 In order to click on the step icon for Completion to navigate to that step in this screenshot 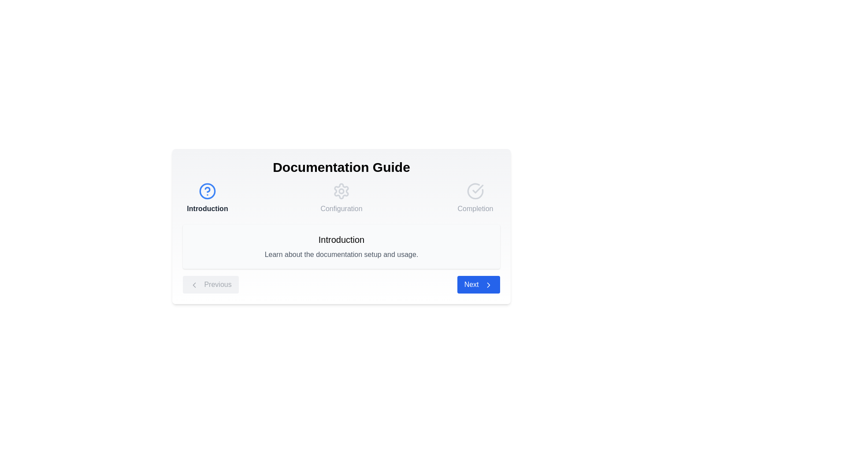, I will do `click(475, 191)`.